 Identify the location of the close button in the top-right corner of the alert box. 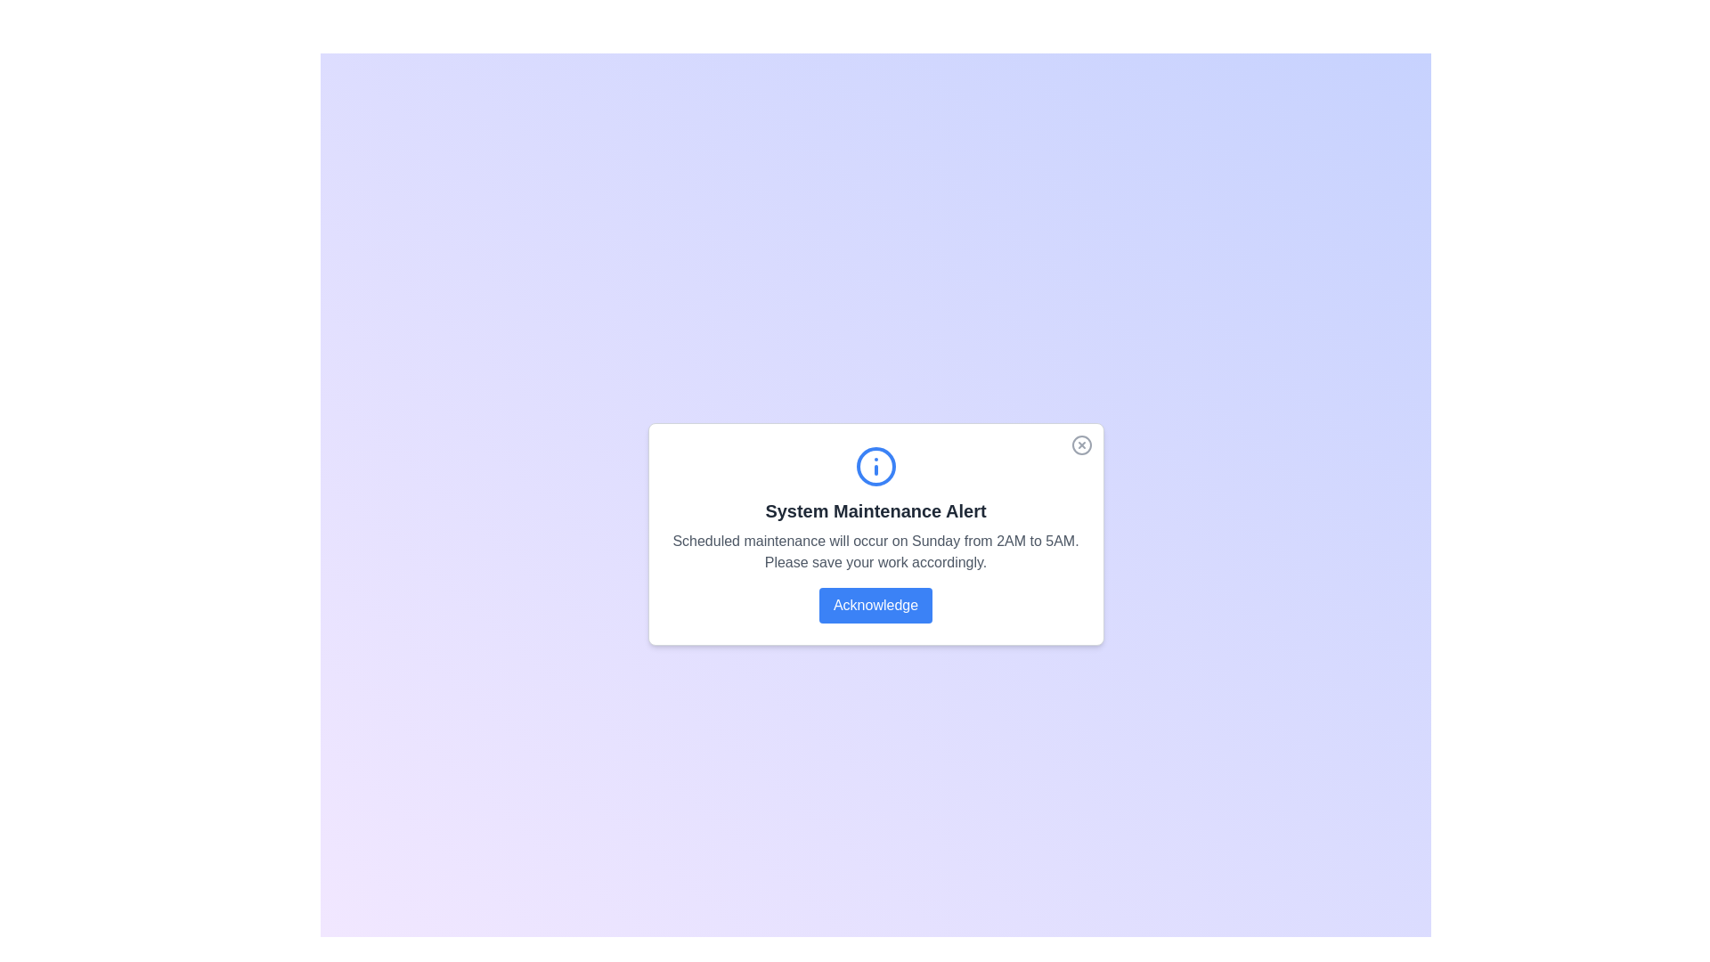
(1080, 444).